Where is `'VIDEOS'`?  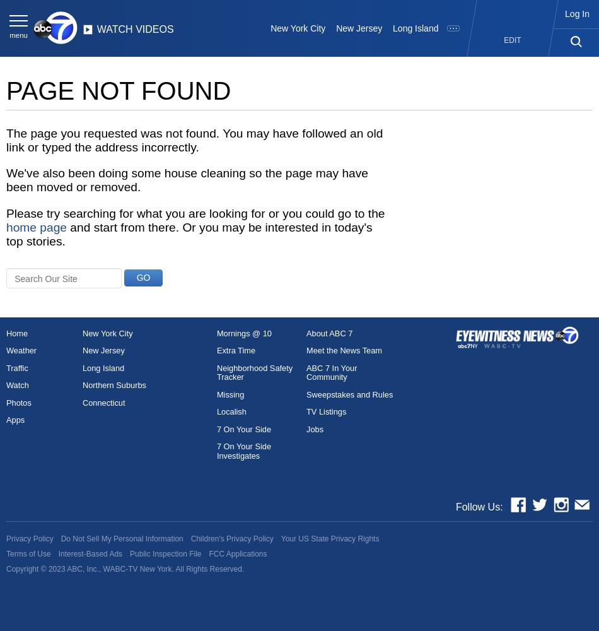
'VIDEOS' is located at coordinates (135, 29).